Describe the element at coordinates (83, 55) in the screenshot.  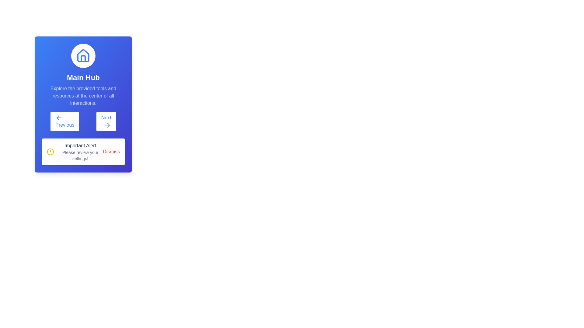
I see `the home icon graphic, which has a blue outline and is located at the top center of the card interface` at that location.